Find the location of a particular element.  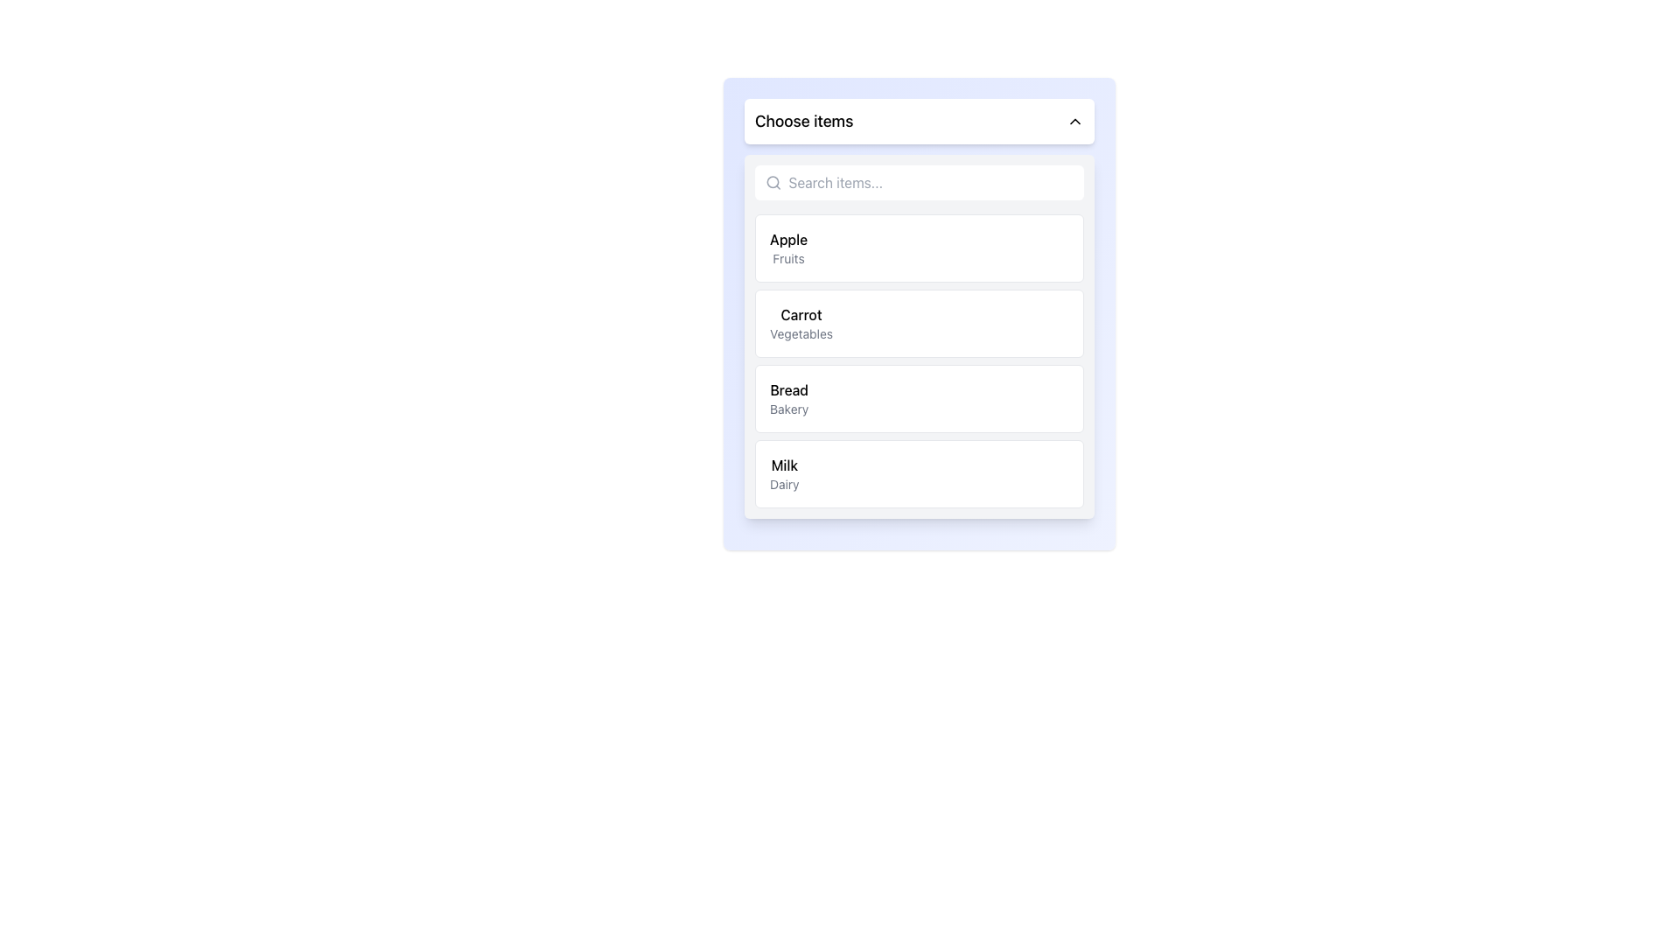

to select the 'Carrot' item from the vertically arranged selectable list, which is the second card displaying 'Carrot' in bold and 'Vegetables' in smaller gray font is located at coordinates (919, 312).